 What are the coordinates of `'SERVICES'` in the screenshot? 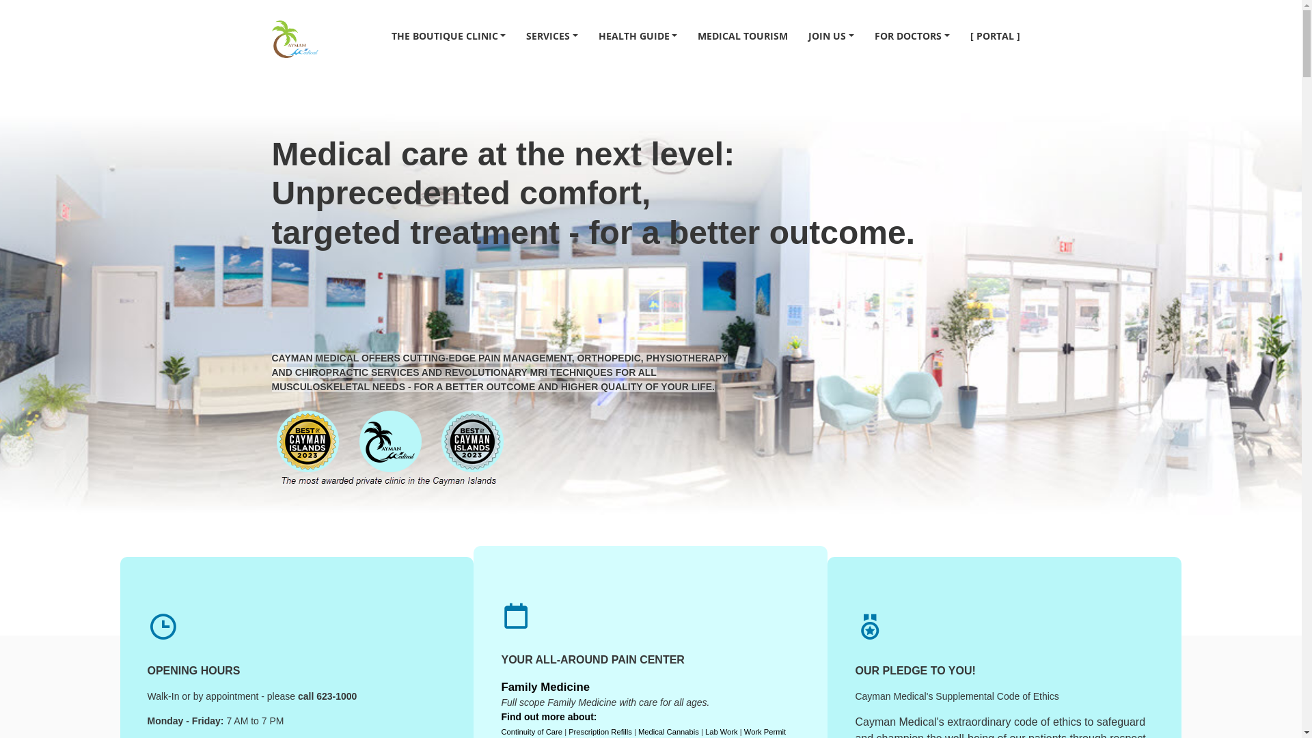 It's located at (515, 35).